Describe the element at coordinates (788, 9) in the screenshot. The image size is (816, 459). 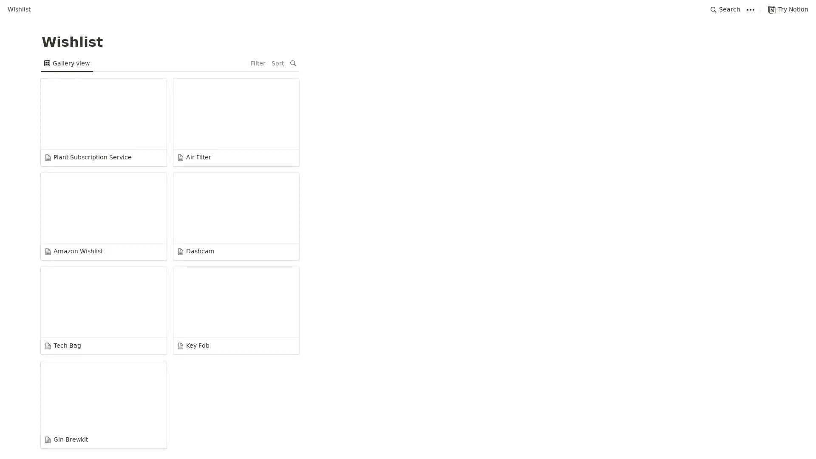
I see `Try Notion` at that location.